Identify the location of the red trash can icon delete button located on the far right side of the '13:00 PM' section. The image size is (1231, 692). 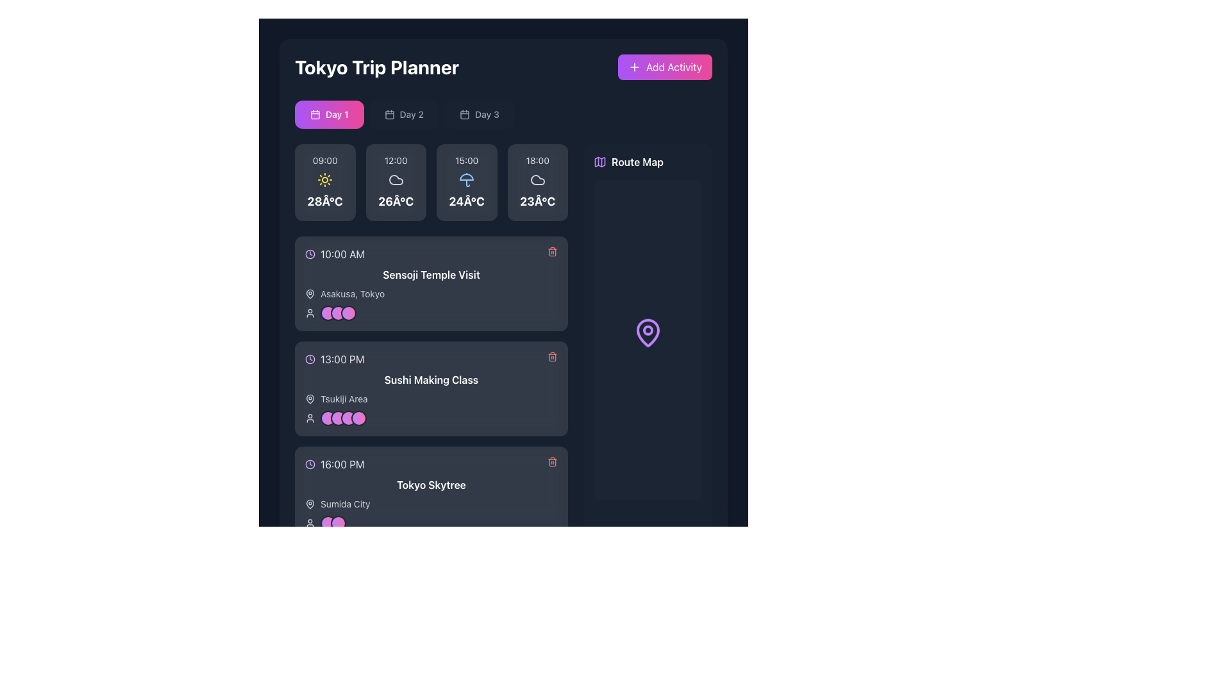
(553, 356).